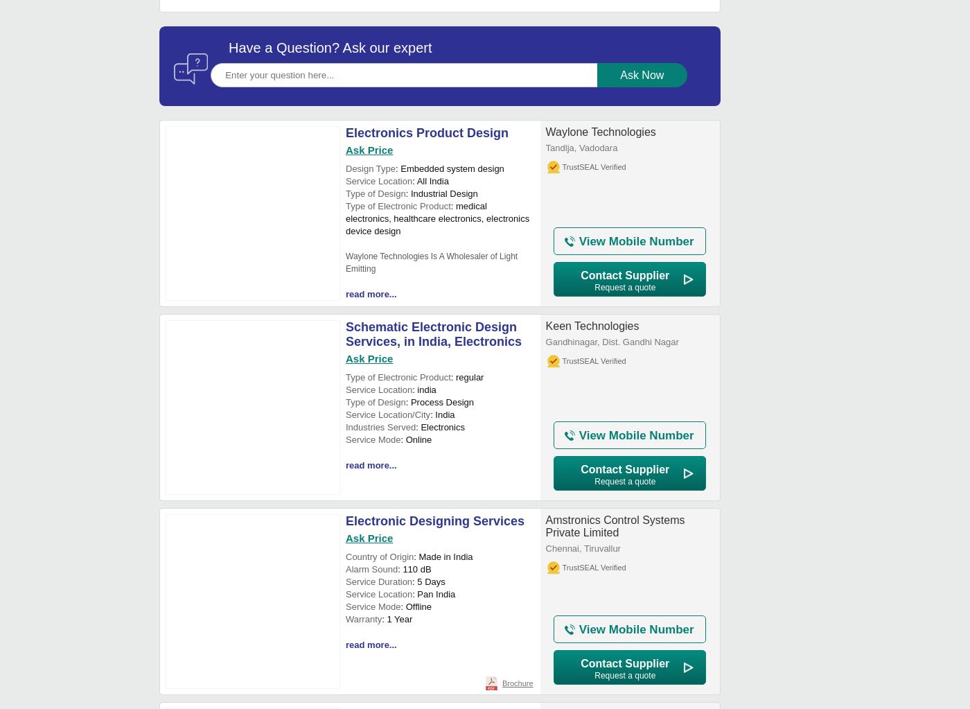 The width and height of the screenshot is (970, 709). What do you see at coordinates (581, 147) in the screenshot?
I see `'Tandlja, Vadodara'` at bounding box center [581, 147].